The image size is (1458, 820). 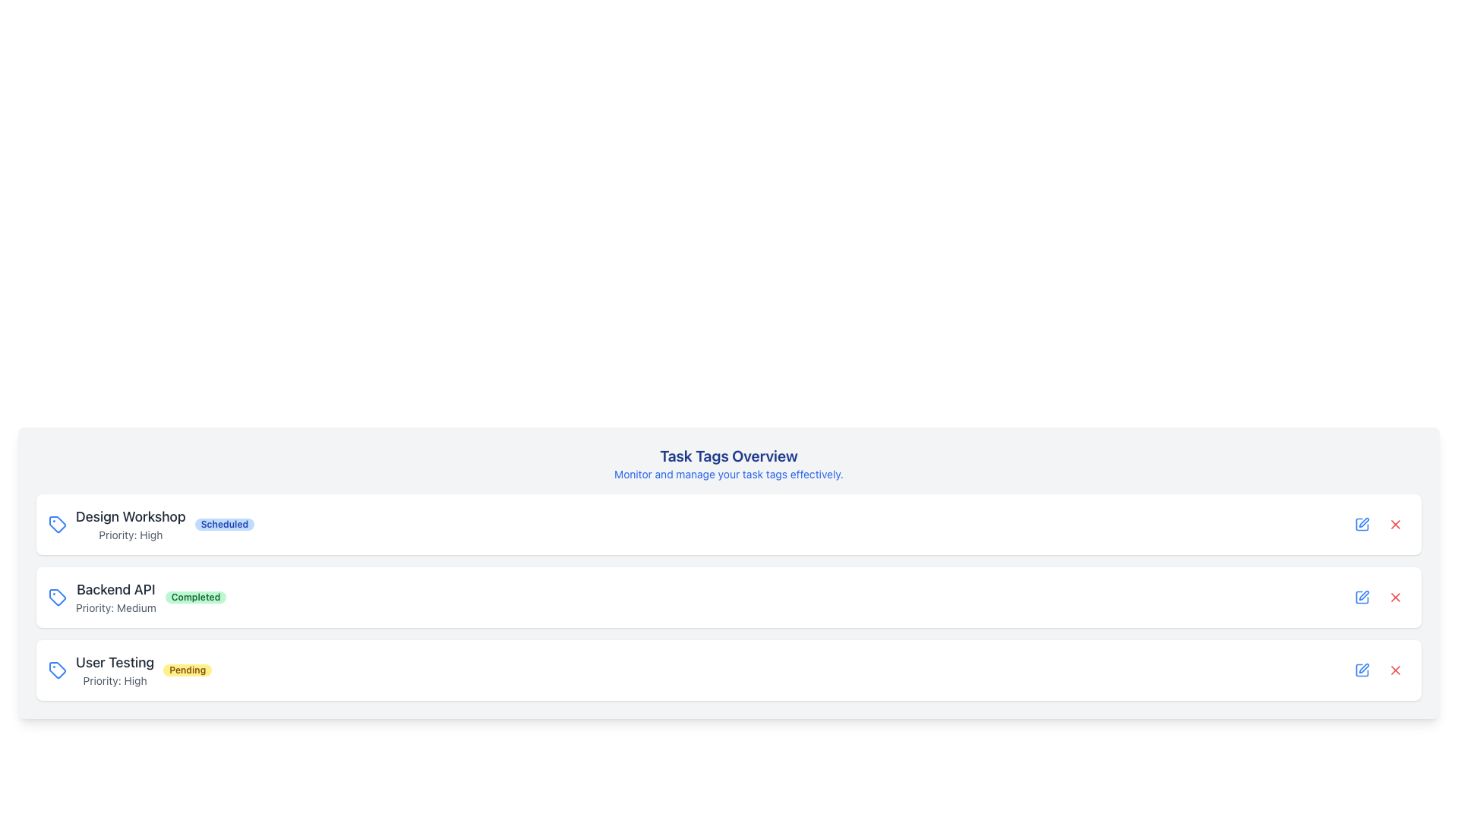 I want to click on the task list item that displays its title, priority, and status, located as the second item in the vertical list of task items, so click(x=729, y=596).